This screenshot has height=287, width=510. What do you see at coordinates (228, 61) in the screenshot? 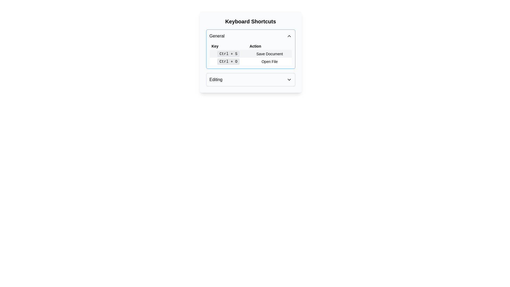
I see `the button-like text label containing 'Ctrl + O' in the 'Keyboard Shortcuts' section under the 'General' group` at bounding box center [228, 61].